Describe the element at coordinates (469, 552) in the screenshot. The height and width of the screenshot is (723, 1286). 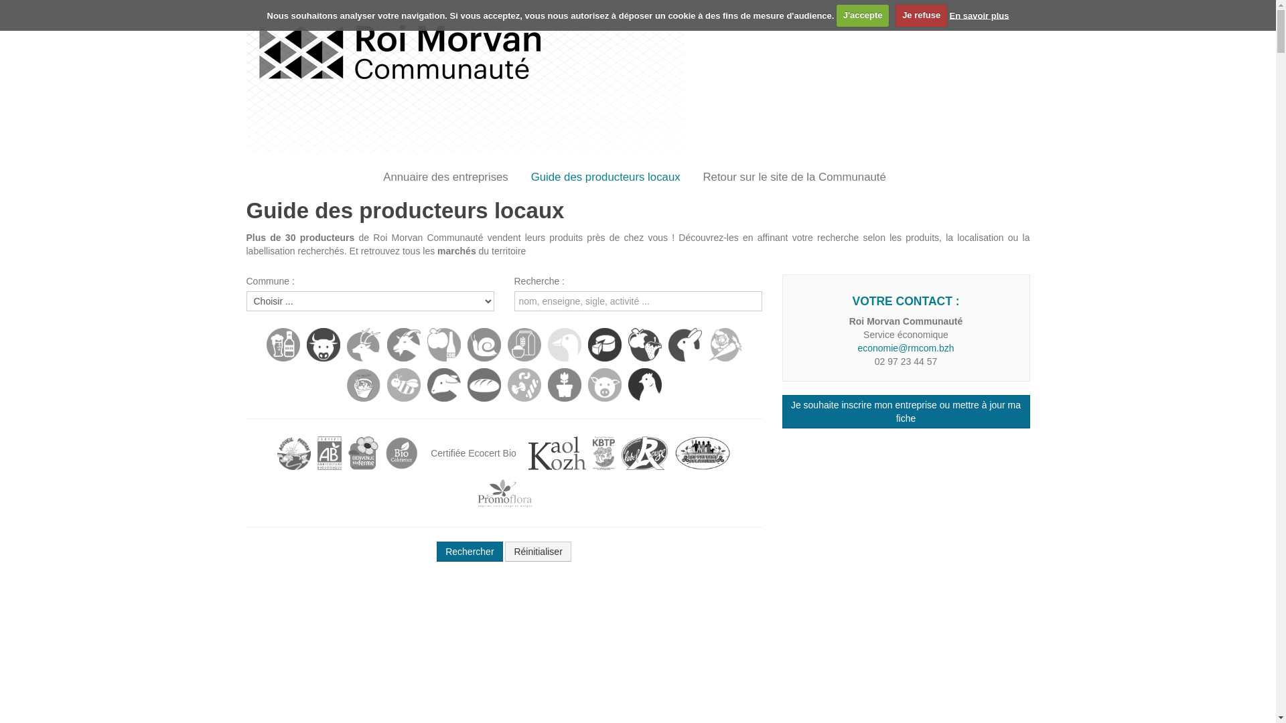
I see `'Rechercher'` at that location.